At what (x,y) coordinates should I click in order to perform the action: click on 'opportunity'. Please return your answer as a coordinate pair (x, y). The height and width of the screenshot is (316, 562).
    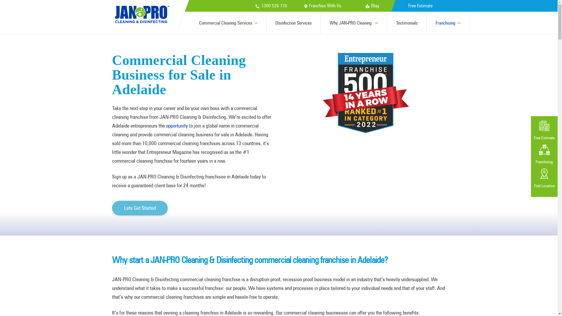
    Looking at the image, I should click on (176, 125).